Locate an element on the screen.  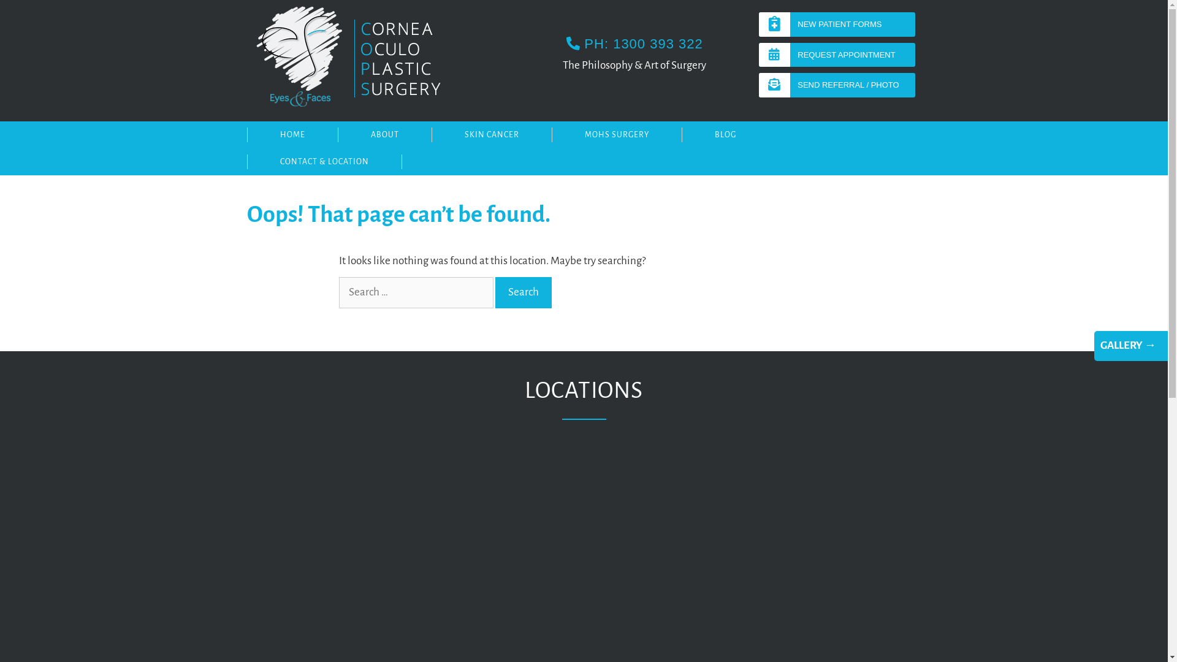
'NEW PATIENT FORMS' is located at coordinates (836, 24).